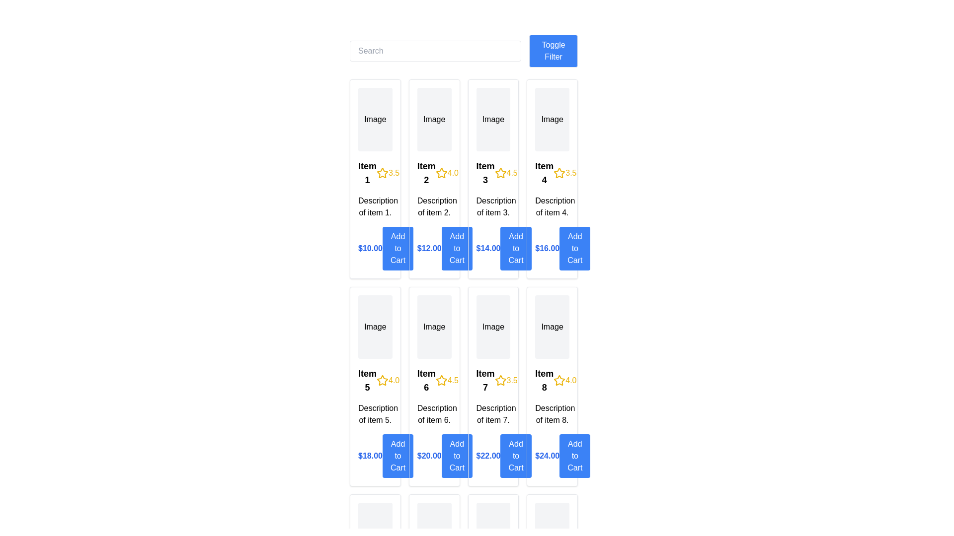 This screenshot has height=536, width=954. I want to click on rating value displayed as '4.5' in bold yellow color, located in the 'Item 6' section to the right of the item's name, so click(446, 380).